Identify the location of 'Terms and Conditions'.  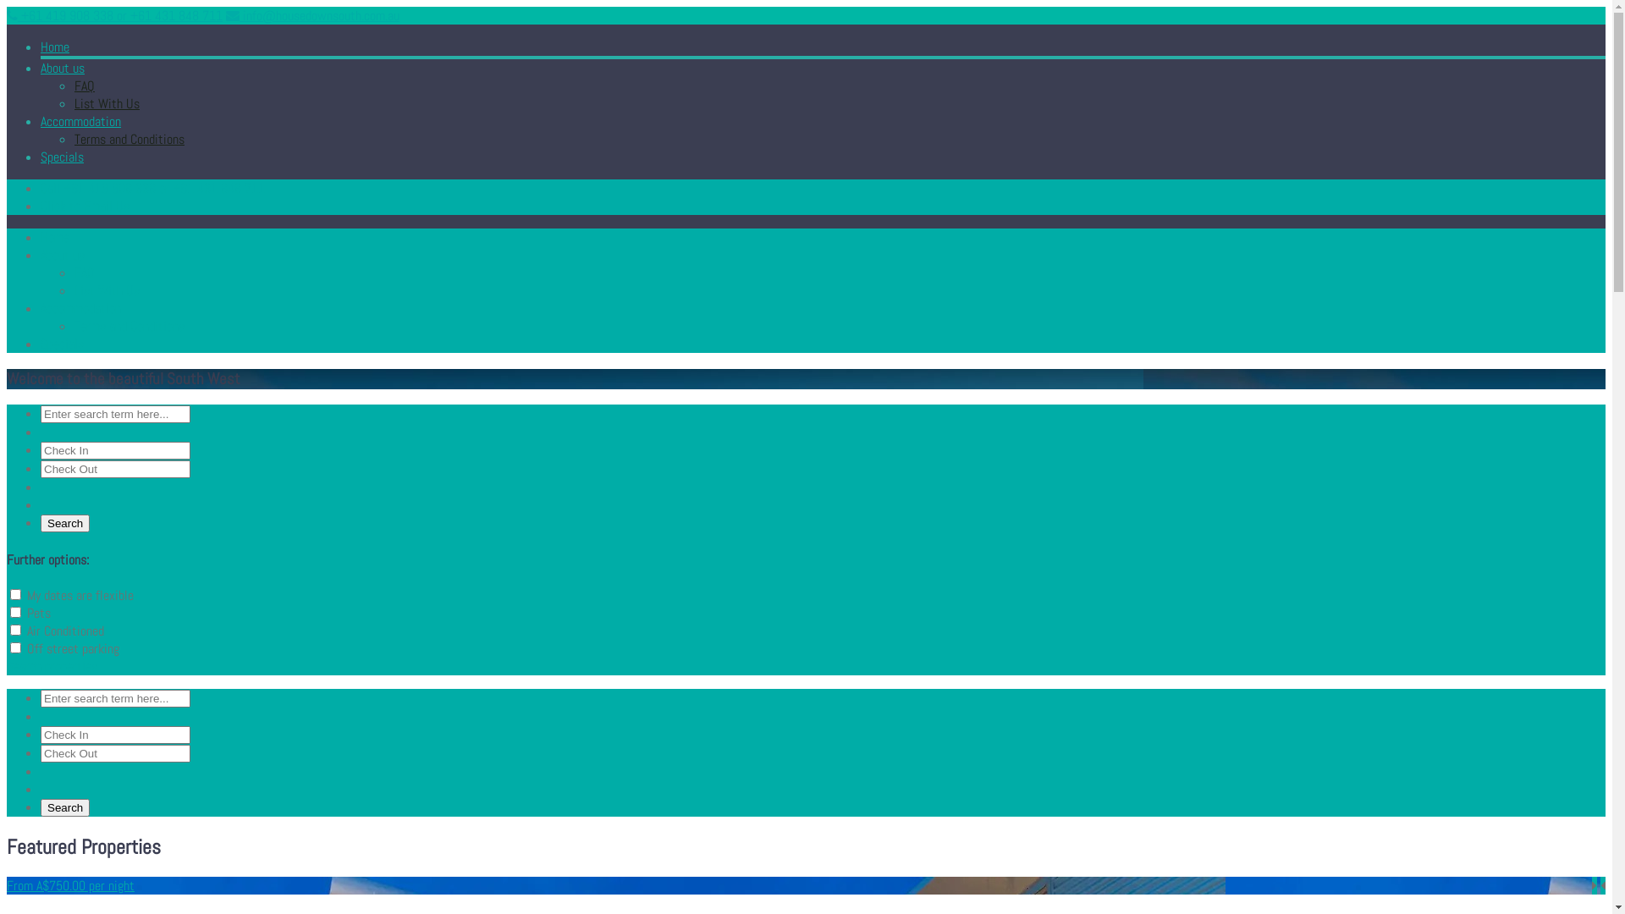
(129, 138).